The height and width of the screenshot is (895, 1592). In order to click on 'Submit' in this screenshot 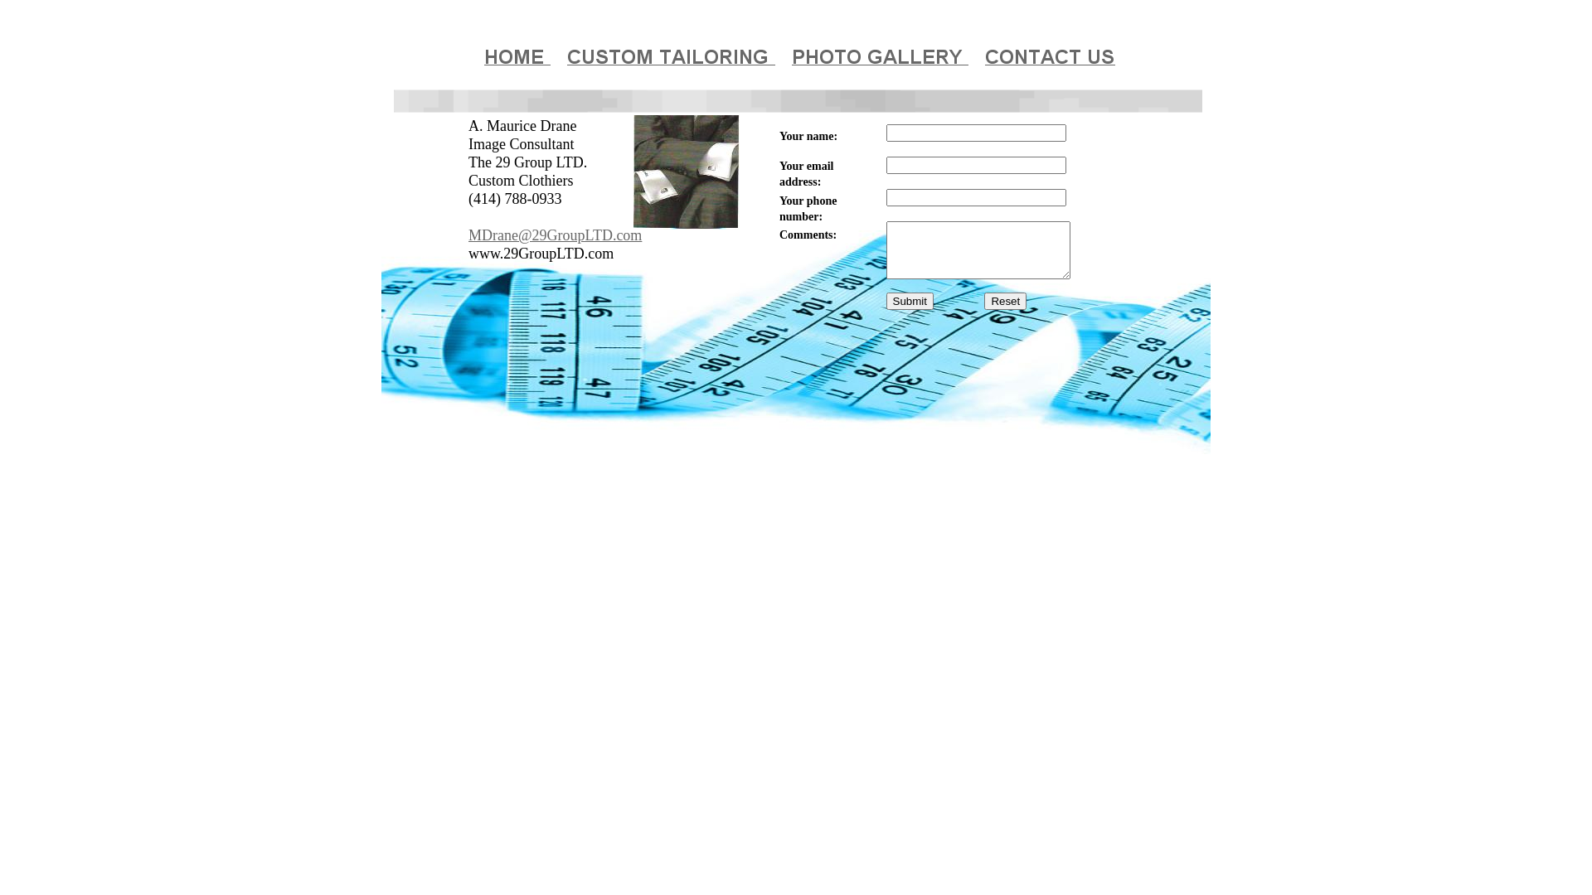, I will do `click(908, 301)`.